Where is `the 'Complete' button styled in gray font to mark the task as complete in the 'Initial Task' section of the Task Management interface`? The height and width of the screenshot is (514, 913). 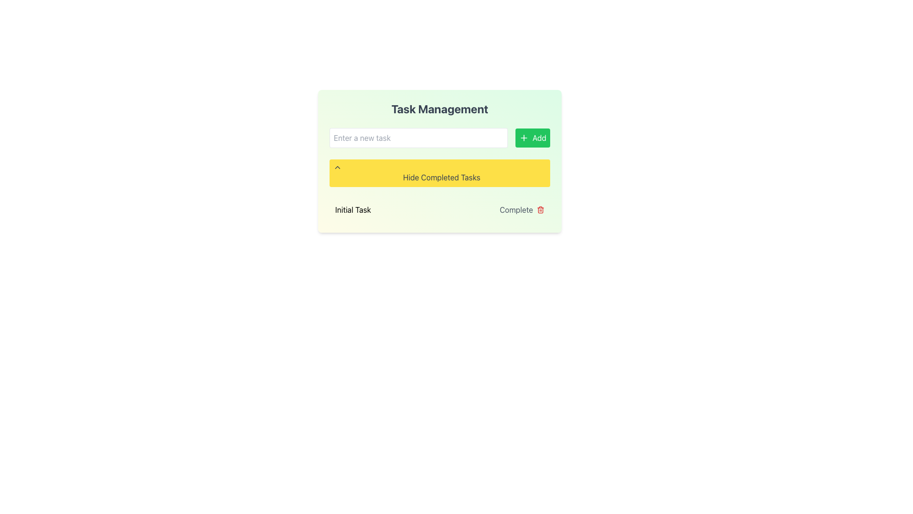 the 'Complete' button styled in gray font to mark the task as complete in the 'Initial Task' section of the Task Management interface is located at coordinates (521, 209).